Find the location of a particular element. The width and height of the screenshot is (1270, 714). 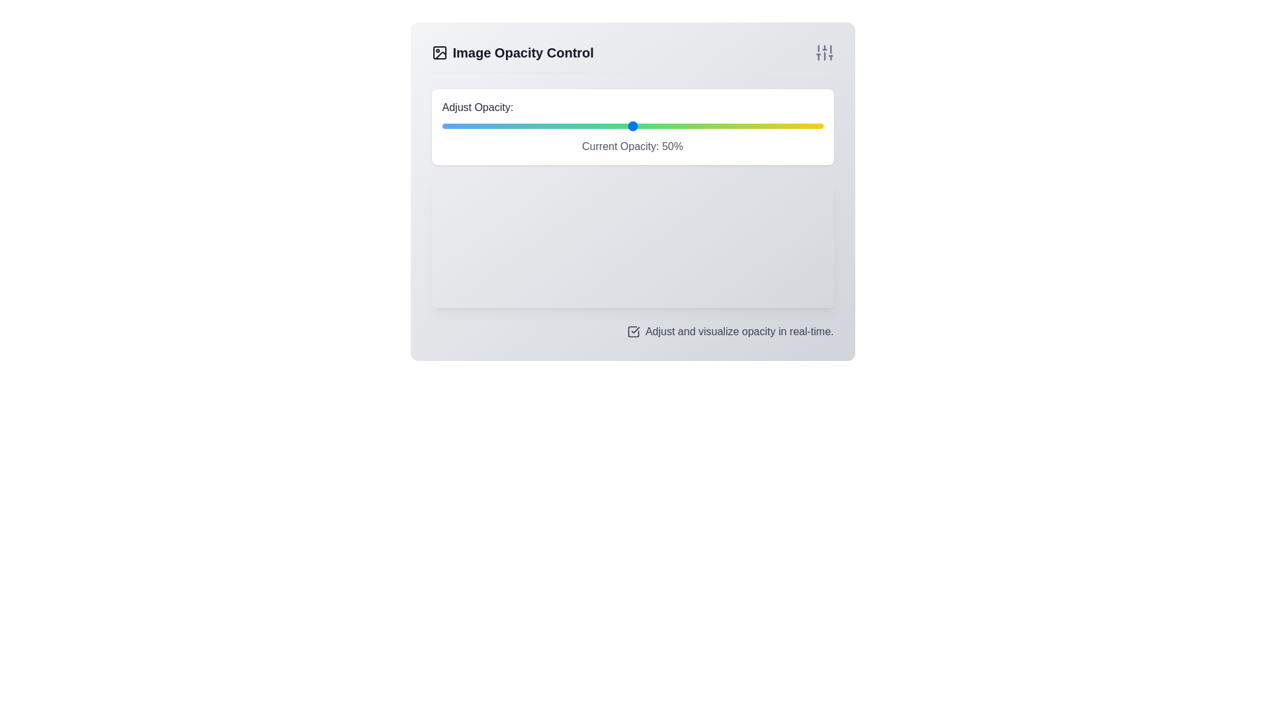

the opacity is located at coordinates (674, 126).